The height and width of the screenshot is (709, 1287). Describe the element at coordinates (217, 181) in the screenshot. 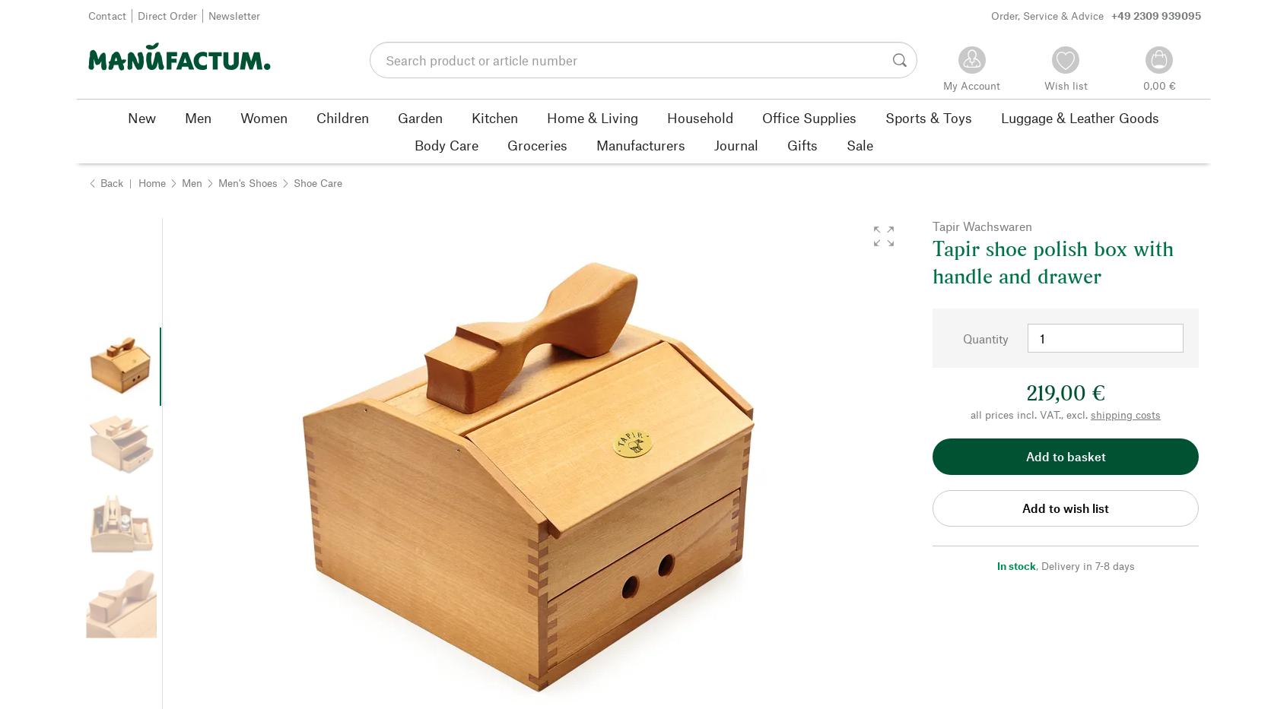

I see `'Men's Shoes'` at that location.